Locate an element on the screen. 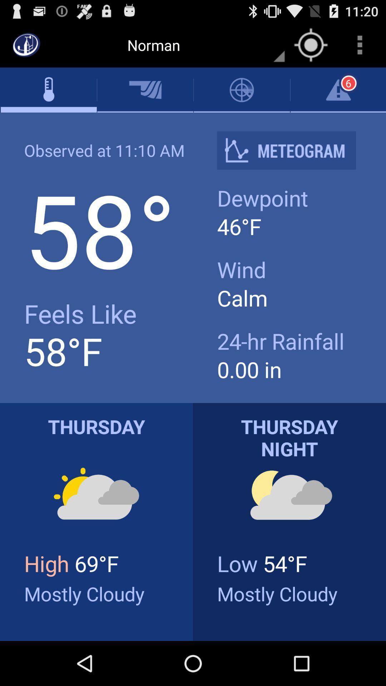  the item to the right of observed at 11 is located at coordinates (292, 150).